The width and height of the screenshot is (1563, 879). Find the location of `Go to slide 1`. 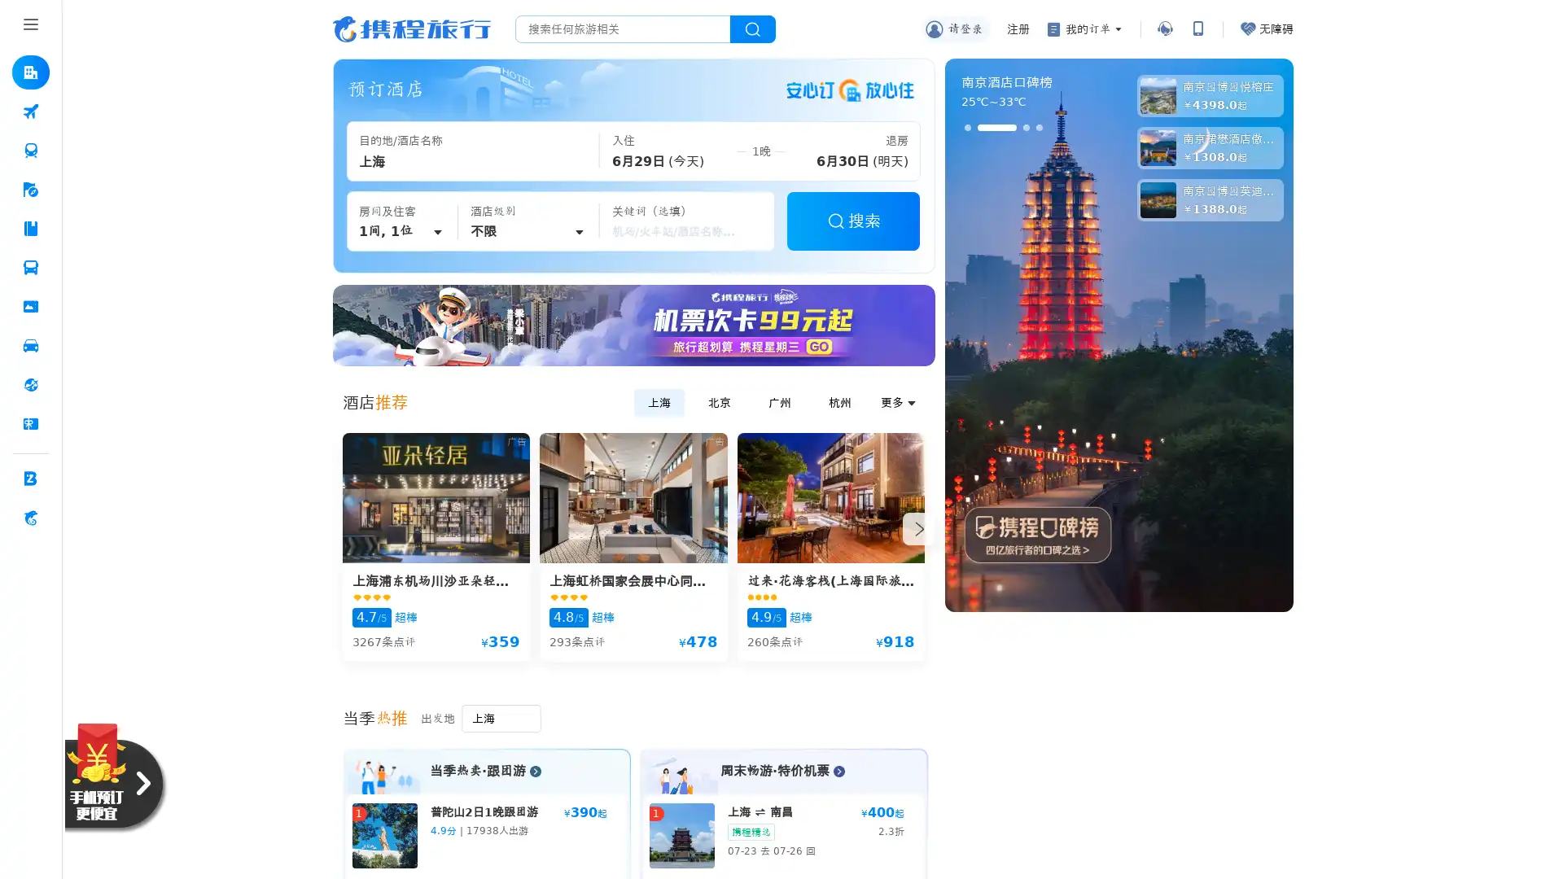

Go to slide 1 is located at coordinates (967, 127).